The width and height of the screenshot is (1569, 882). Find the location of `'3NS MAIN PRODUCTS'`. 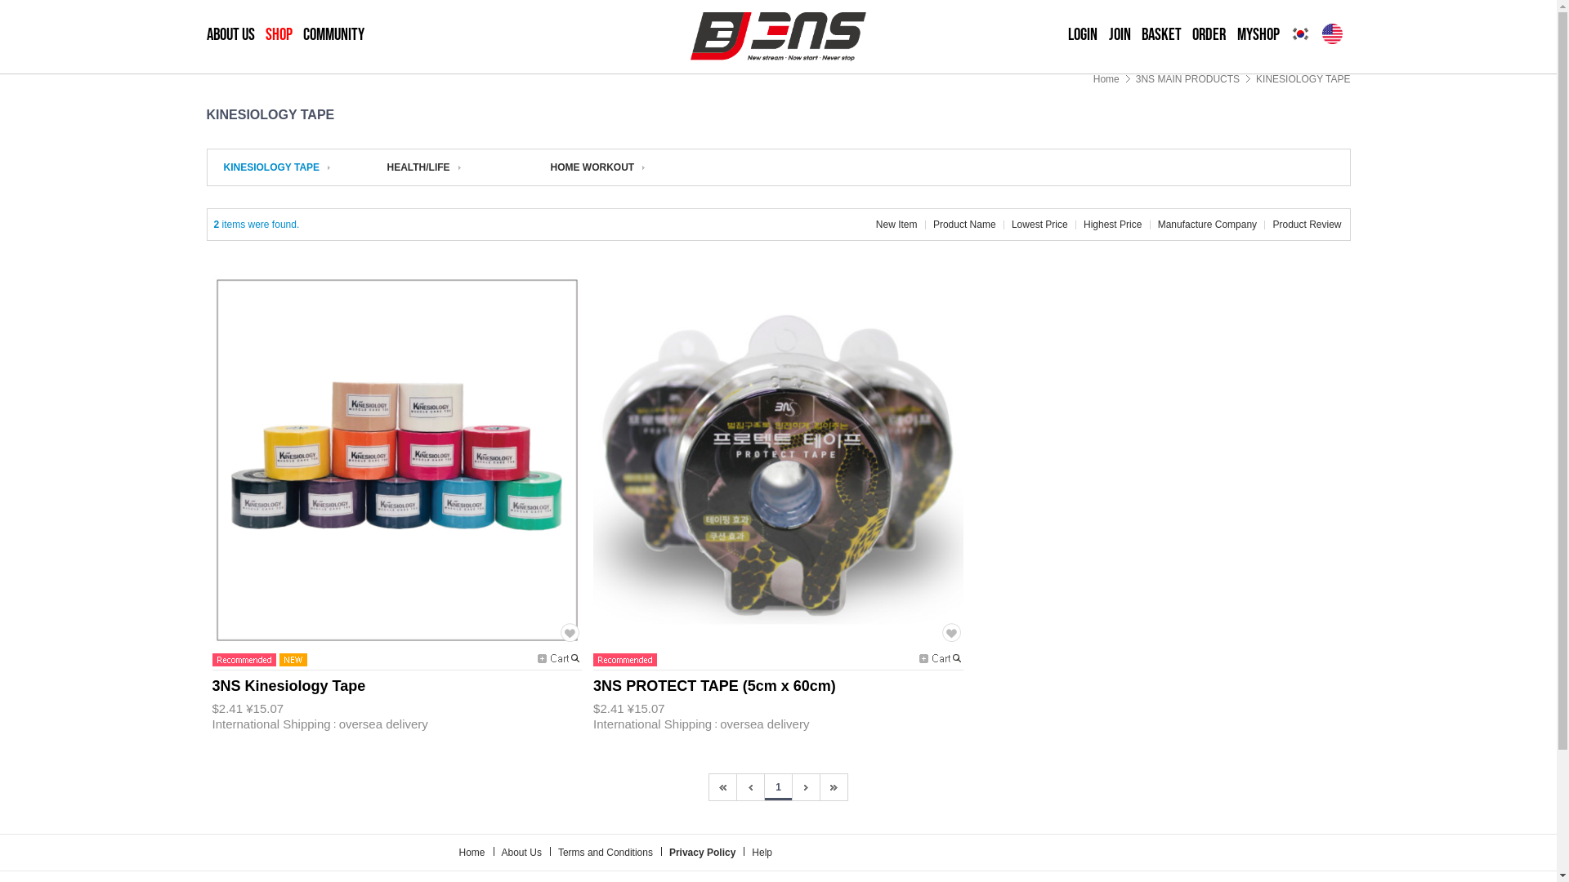

'3NS MAIN PRODUCTS' is located at coordinates (1187, 78).